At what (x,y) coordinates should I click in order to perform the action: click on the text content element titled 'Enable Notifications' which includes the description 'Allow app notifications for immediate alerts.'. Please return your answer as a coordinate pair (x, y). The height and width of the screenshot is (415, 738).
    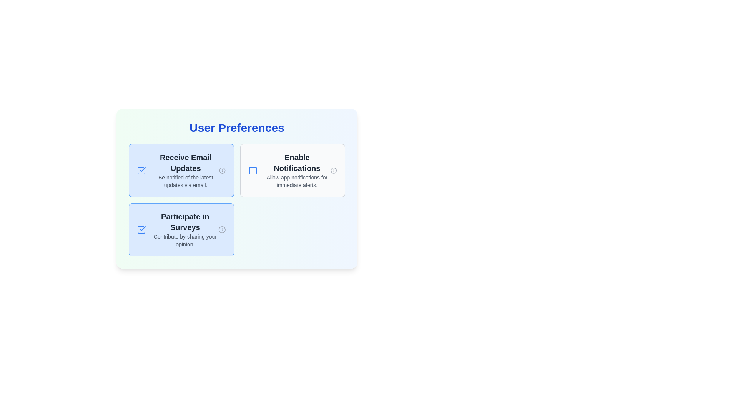
    Looking at the image, I should click on (296, 170).